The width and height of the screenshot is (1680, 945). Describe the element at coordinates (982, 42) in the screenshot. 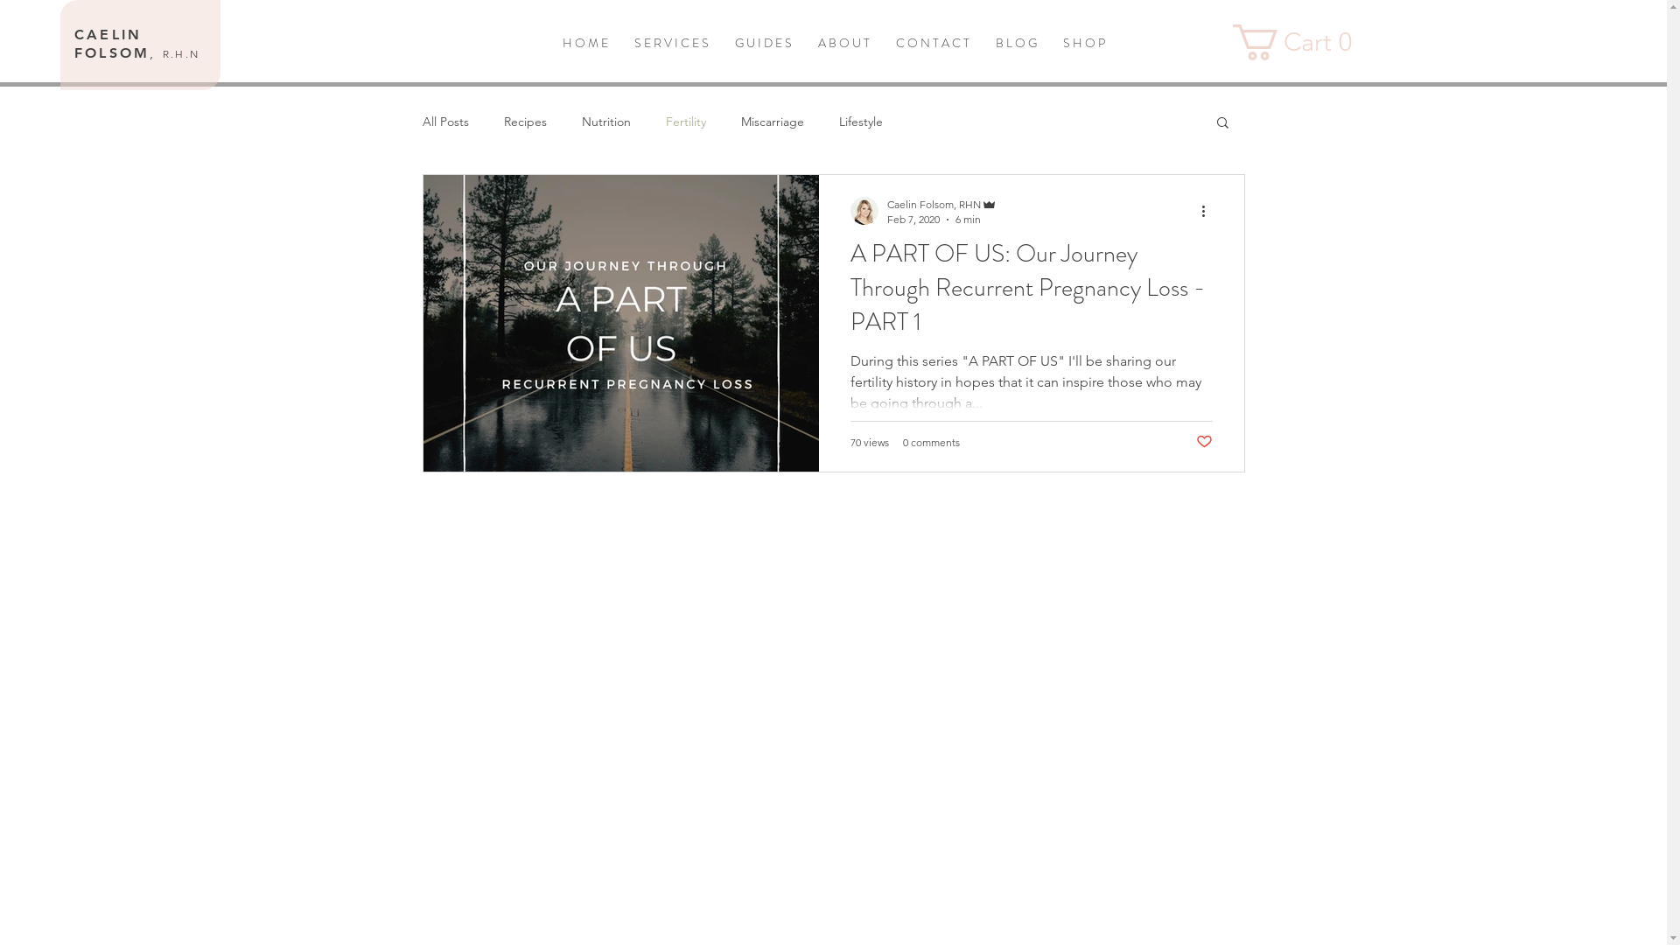

I see `'B L O G'` at that location.